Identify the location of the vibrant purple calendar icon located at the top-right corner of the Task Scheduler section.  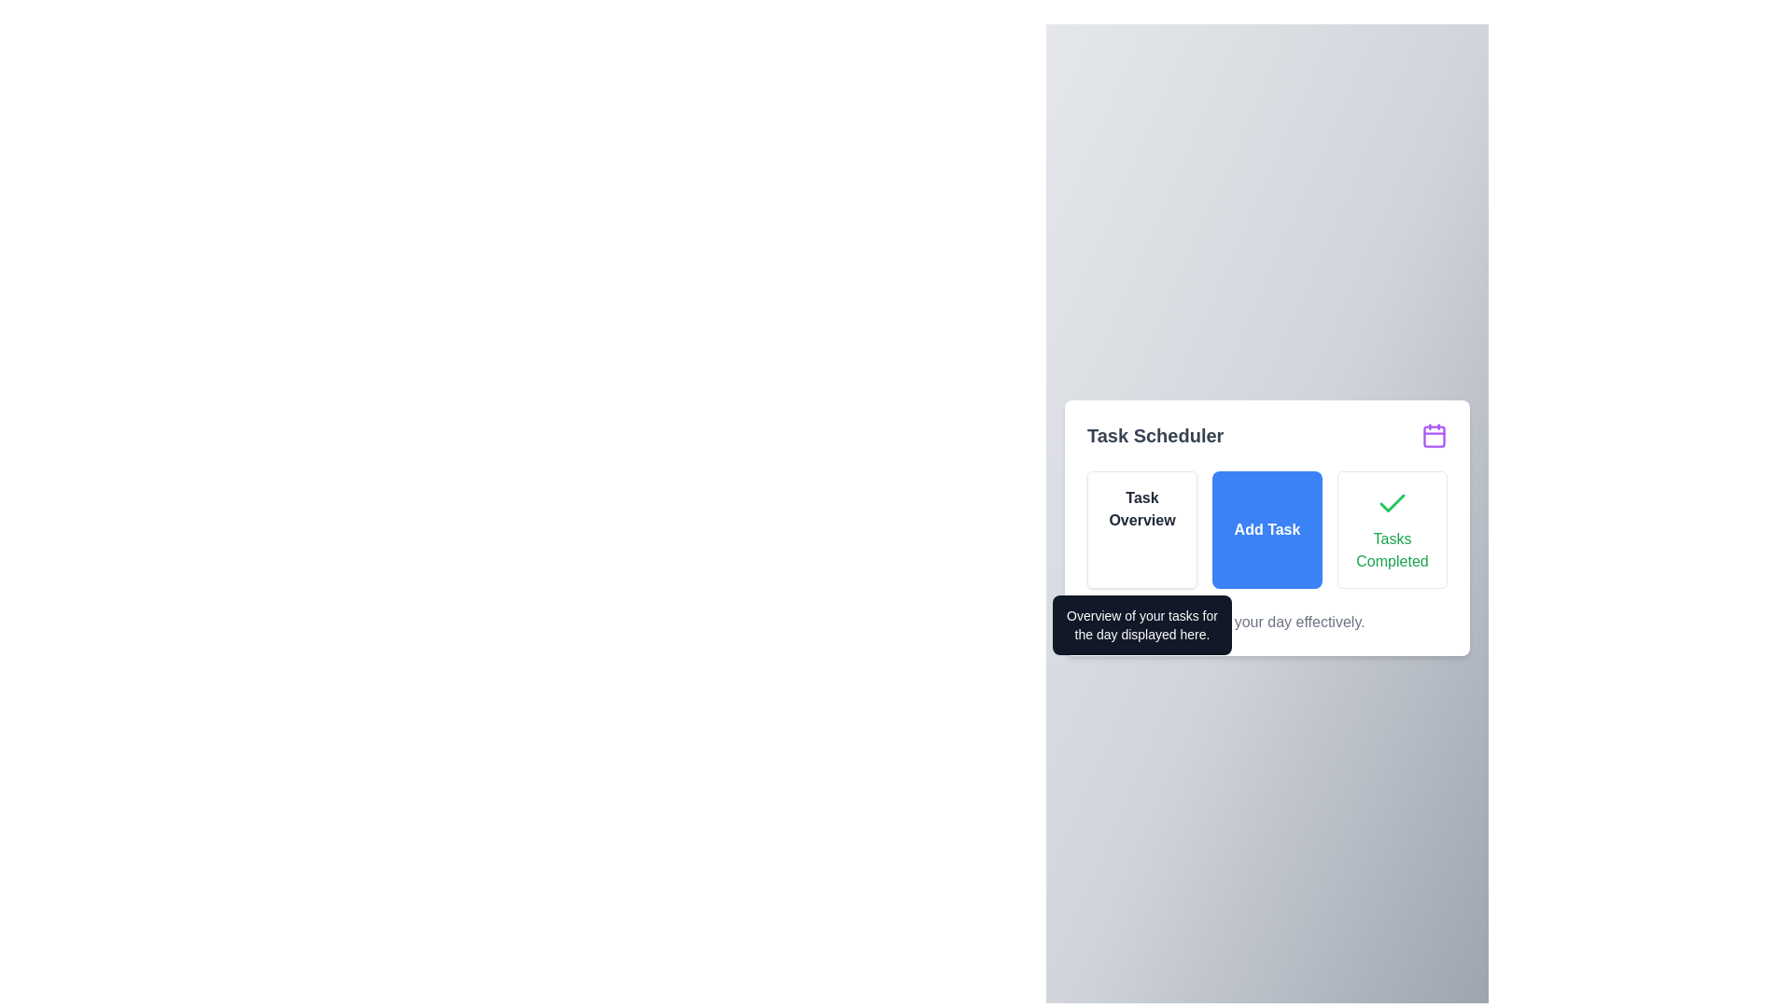
(1433, 435).